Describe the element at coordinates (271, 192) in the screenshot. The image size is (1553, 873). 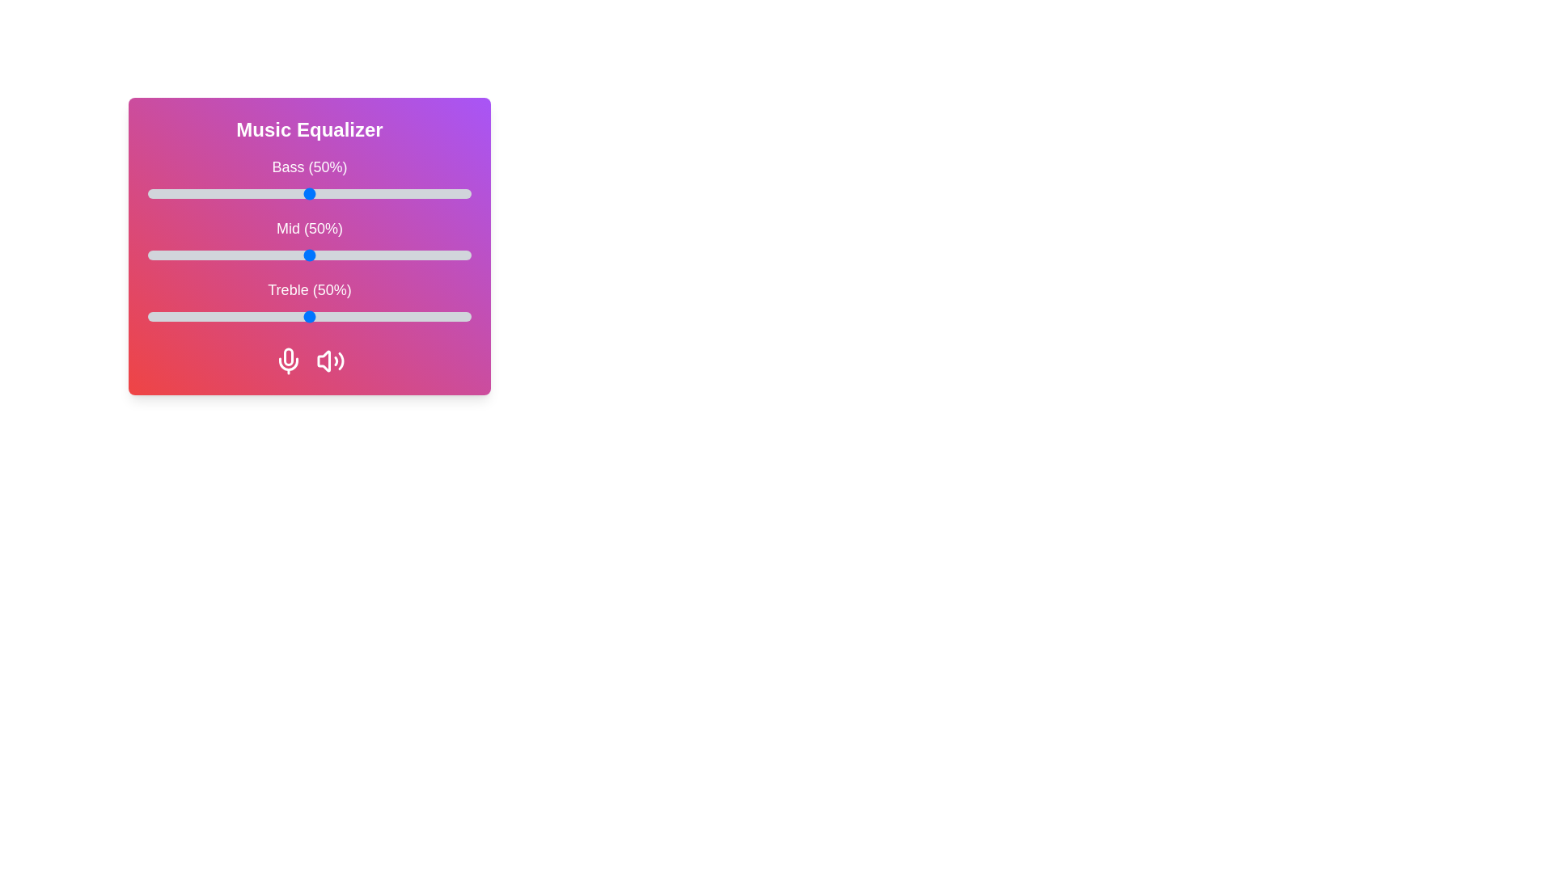
I see `the 0 slider to 38%` at that location.